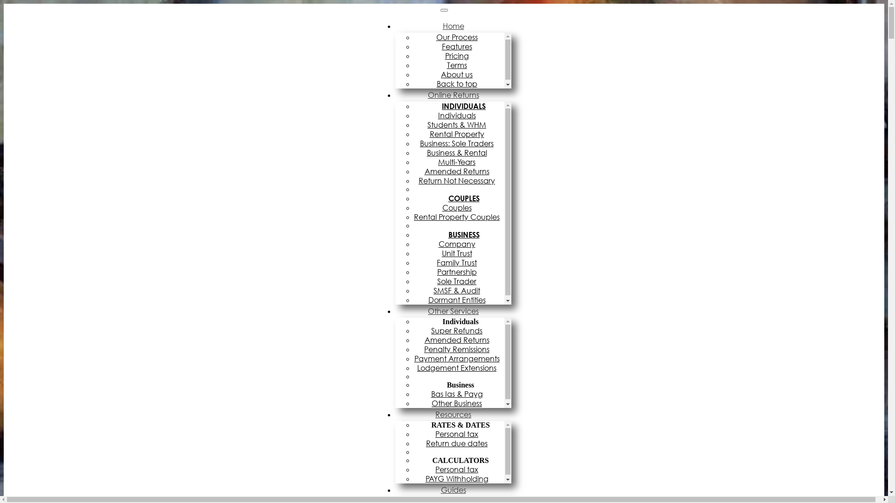 The width and height of the screenshot is (895, 503). I want to click on 'Business & Rental', so click(459, 152).